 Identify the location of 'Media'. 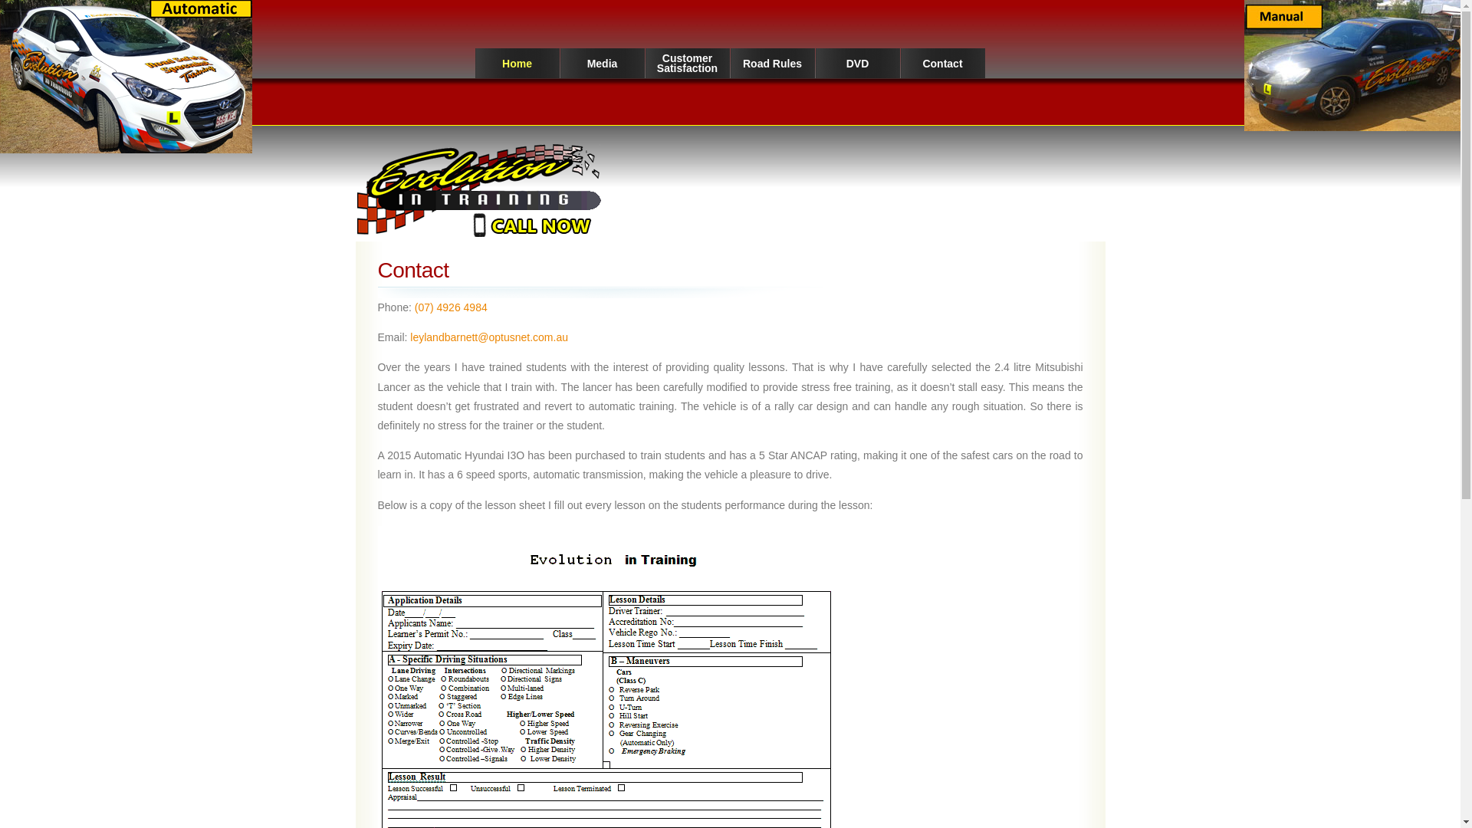
(558, 64).